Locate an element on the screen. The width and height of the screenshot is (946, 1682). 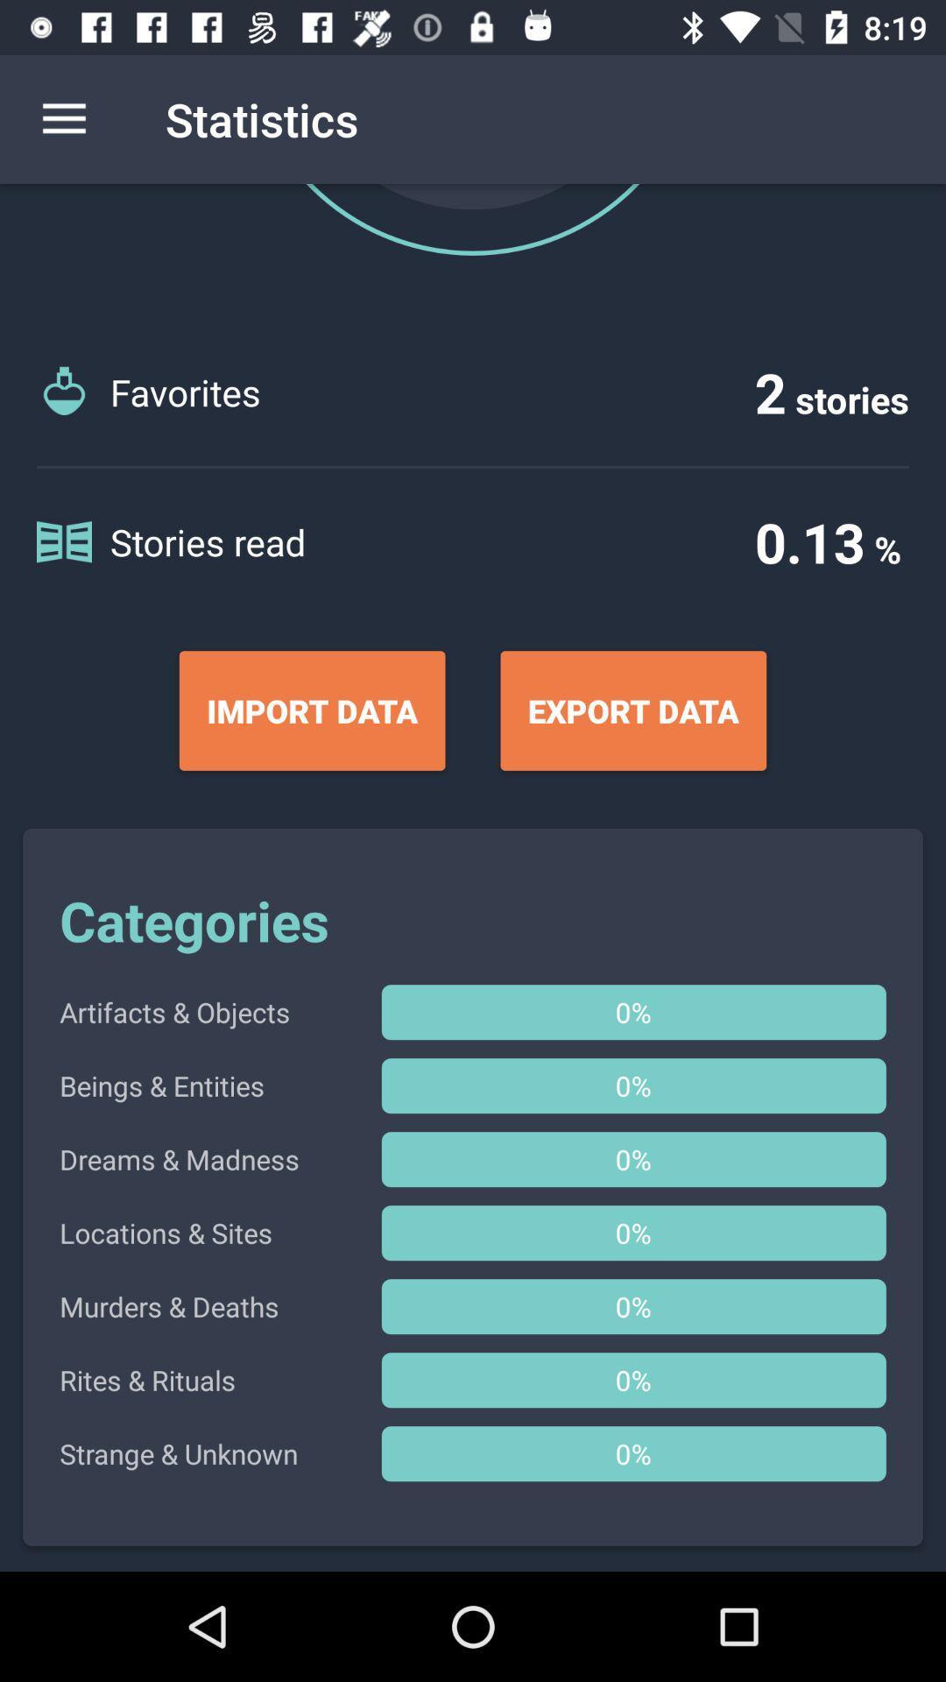
the icon to the left of the export data item is located at coordinates (311, 710).